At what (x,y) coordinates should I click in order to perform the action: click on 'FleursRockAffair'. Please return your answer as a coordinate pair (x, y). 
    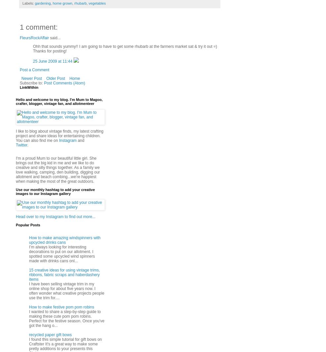
    Looking at the image, I should click on (34, 38).